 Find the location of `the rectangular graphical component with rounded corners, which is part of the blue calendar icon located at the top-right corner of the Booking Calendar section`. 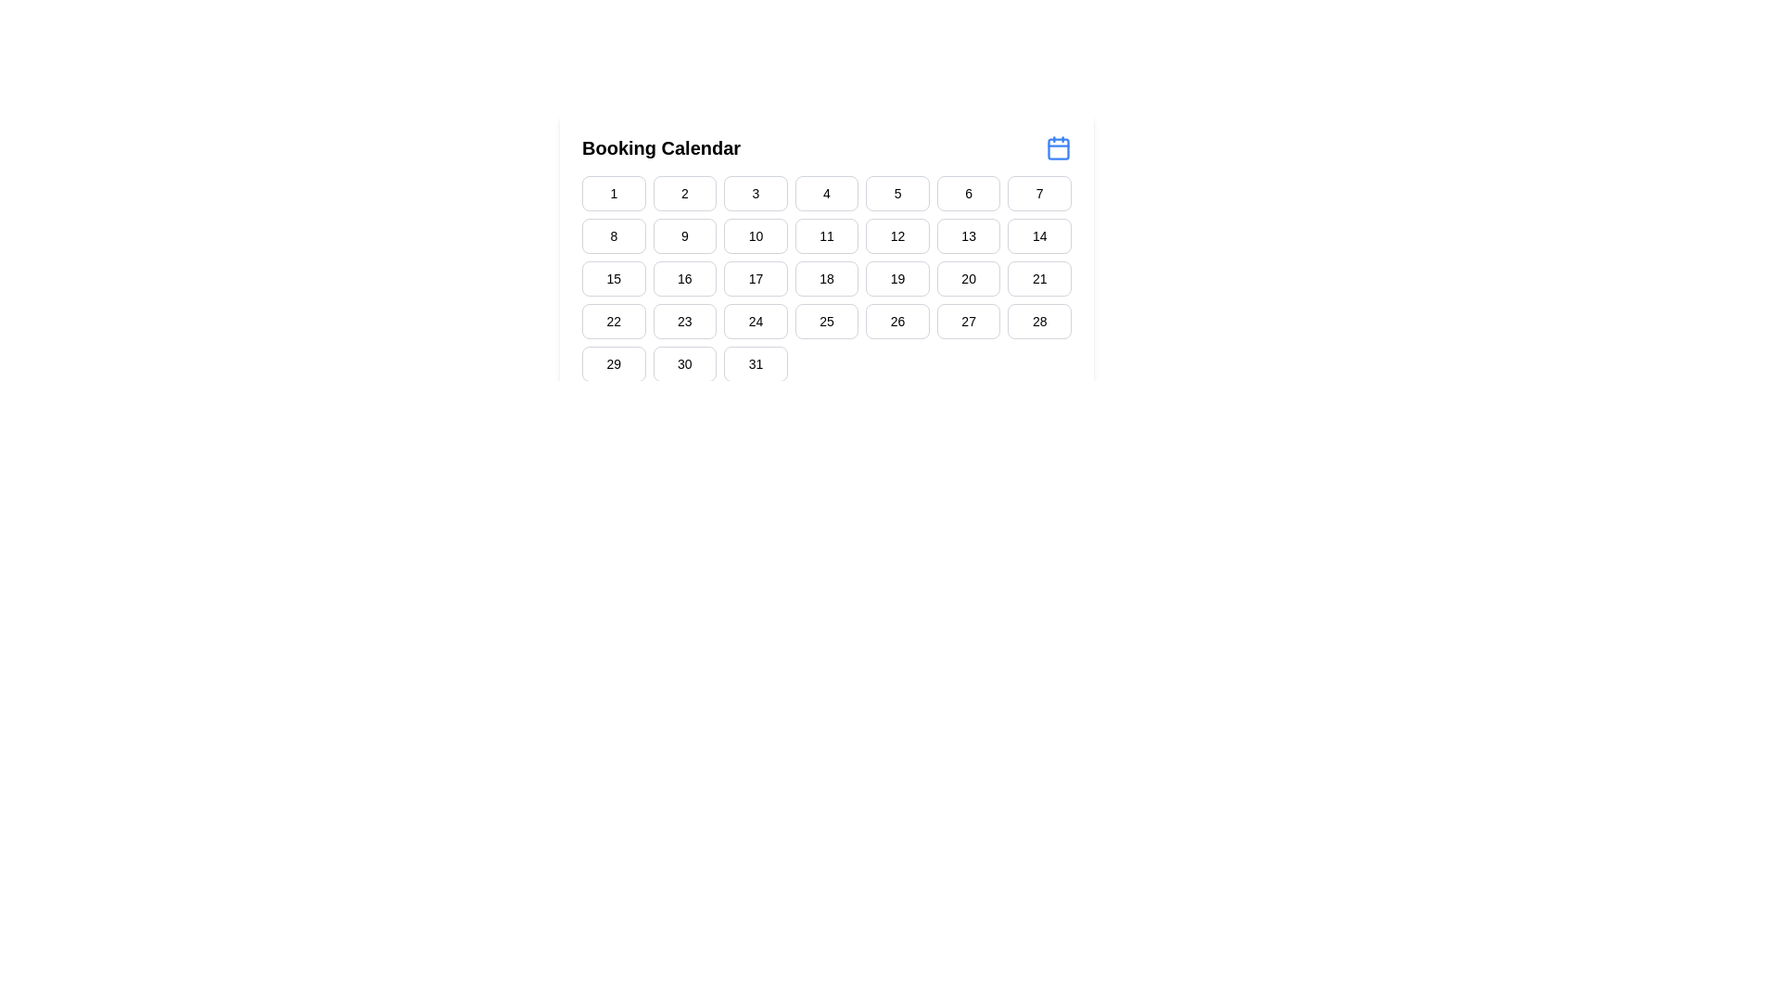

the rectangular graphical component with rounded corners, which is part of the blue calendar icon located at the top-right corner of the Booking Calendar section is located at coordinates (1059, 148).